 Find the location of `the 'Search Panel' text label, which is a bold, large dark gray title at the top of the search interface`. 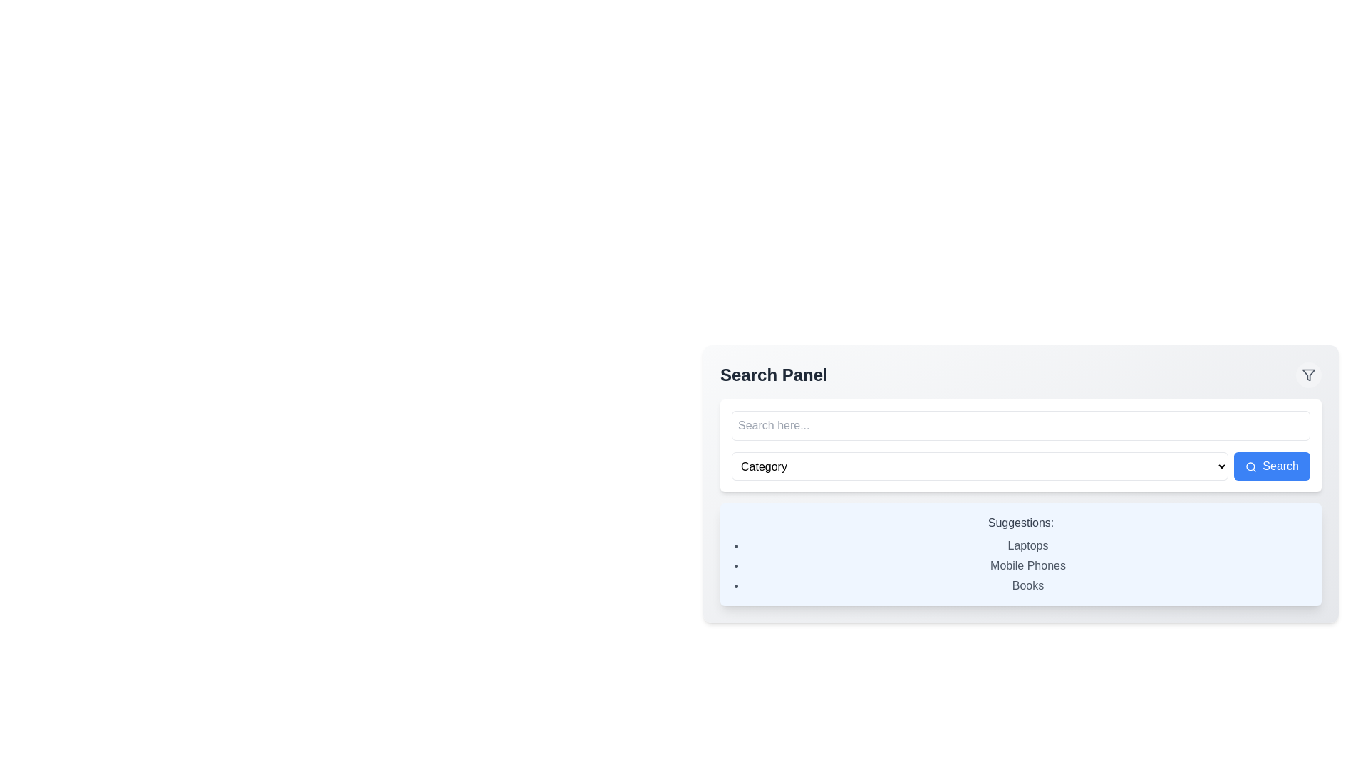

the 'Search Panel' text label, which is a bold, large dark gray title at the top of the search interface is located at coordinates (773, 375).